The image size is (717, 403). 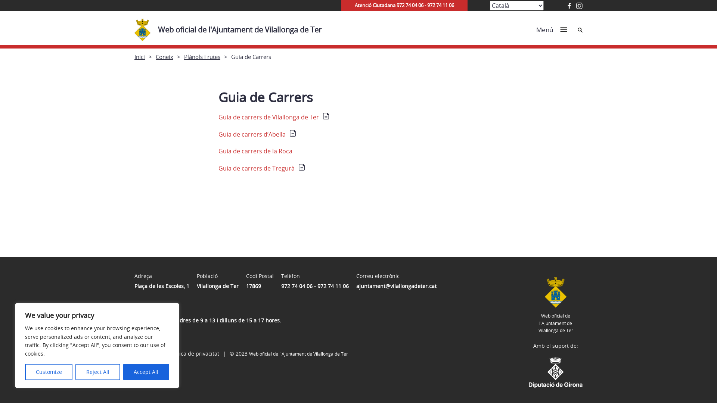 What do you see at coordinates (255, 151) in the screenshot?
I see `'Guia de carrers de la Roca'` at bounding box center [255, 151].